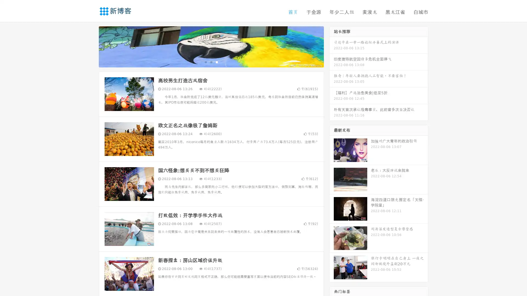 This screenshot has width=527, height=296. I want to click on Go to slide 1, so click(205, 62).